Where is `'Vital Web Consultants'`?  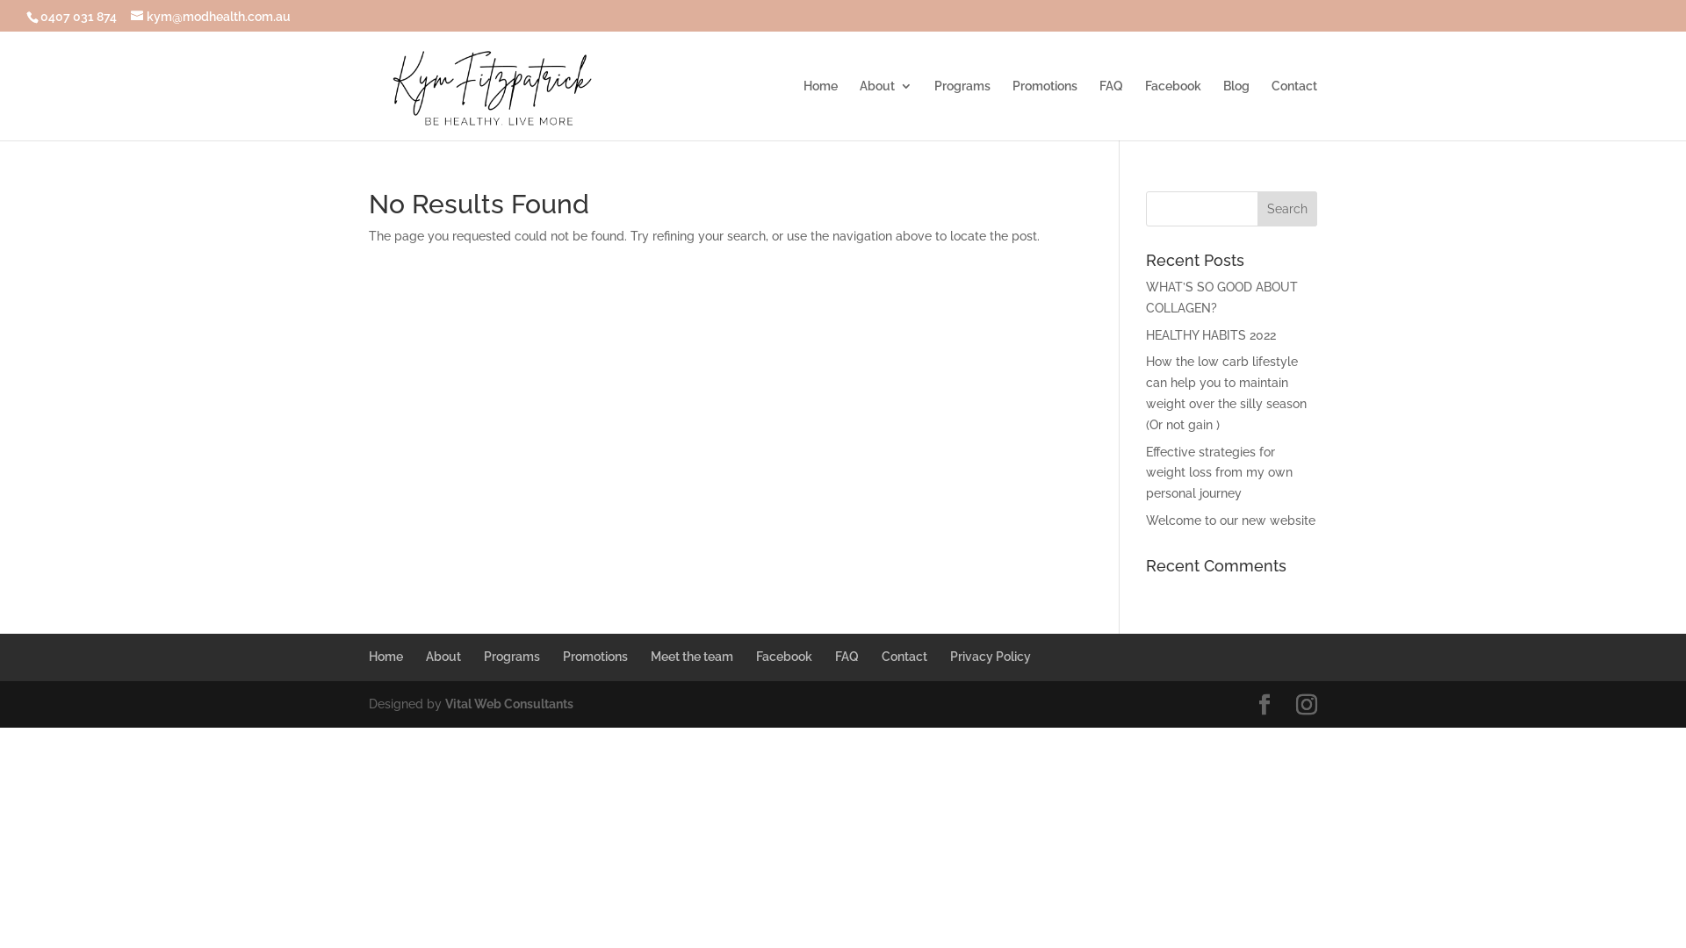
'Vital Web Consultants' is located at coordinates (508, 703).